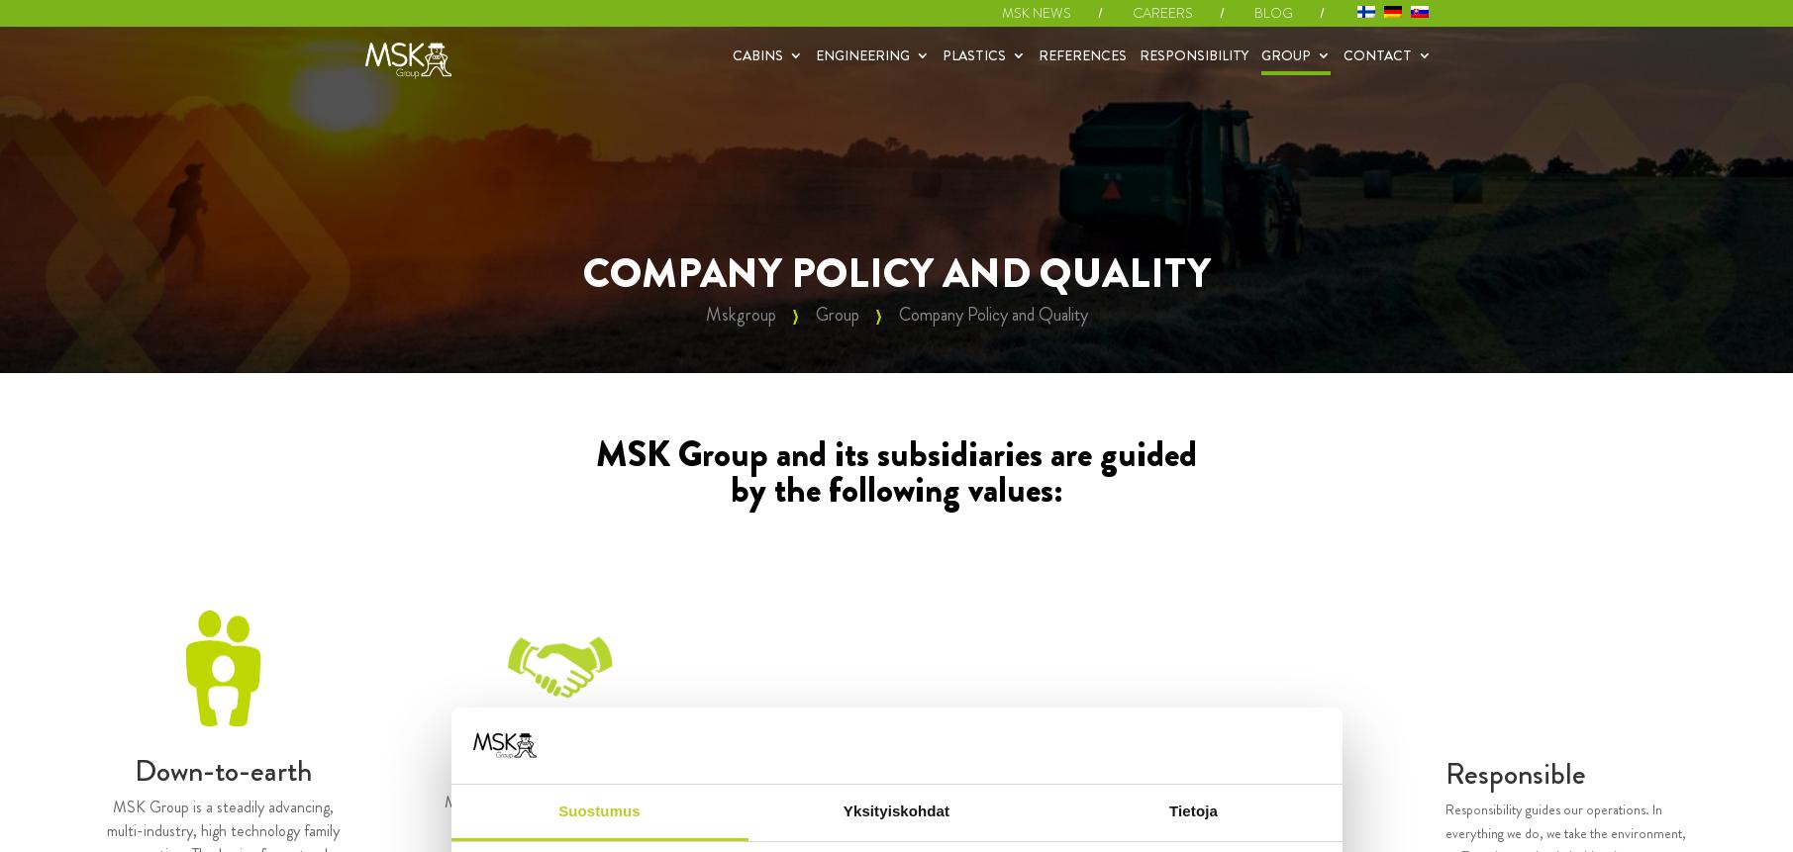 The height and width of the screenshot is (852, 1793). I want to click on 'MSK Group', so click(1423, 147).